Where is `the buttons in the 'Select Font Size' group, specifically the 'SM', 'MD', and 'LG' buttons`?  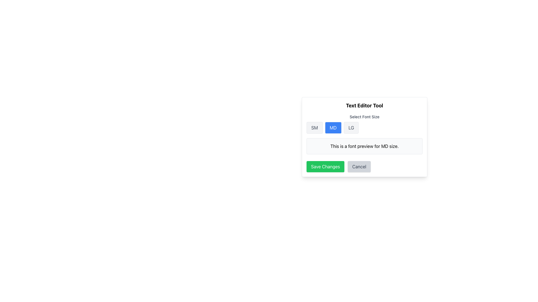 the buttons in the 'Select Font Size' group, specifically the 'SM', 'MD', and 'LG' buttons is located at coordinates (364, 134).